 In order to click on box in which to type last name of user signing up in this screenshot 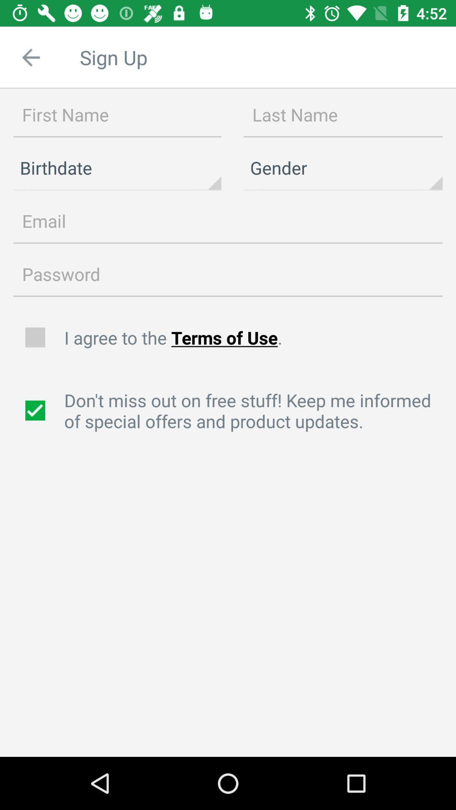, I will do `click(343, 115)`.